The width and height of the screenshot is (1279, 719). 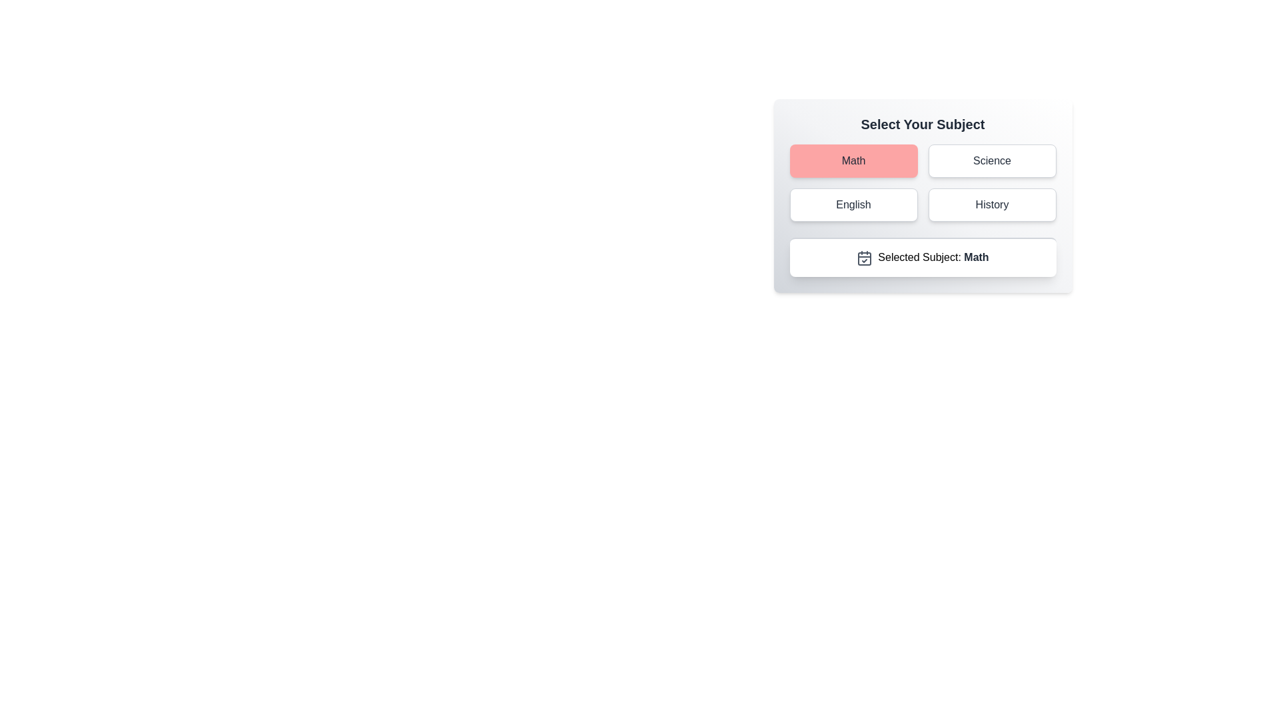 I want to click on the static graphic element of the calendar icon, which is a rectangular shape with rounded corners, centrally positioned among other graphical elements, so click(x=865, y=258).